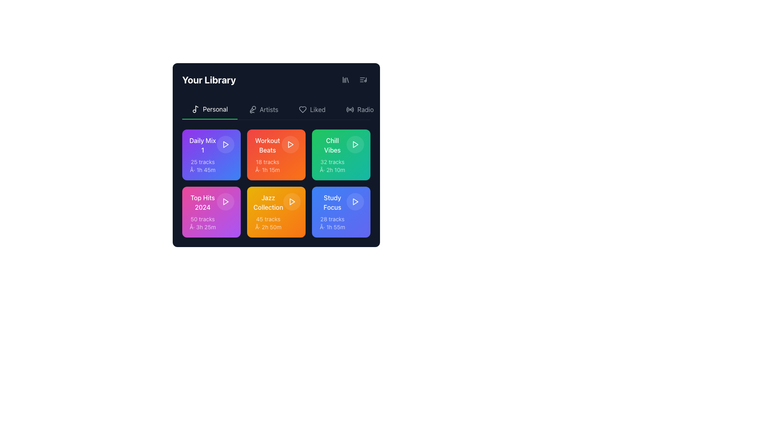 This screenshot has width=764, height=429. I want to click on the innermost arc of the 'Radio' icon located in the upper-right section of the interface, so click(347, 110).